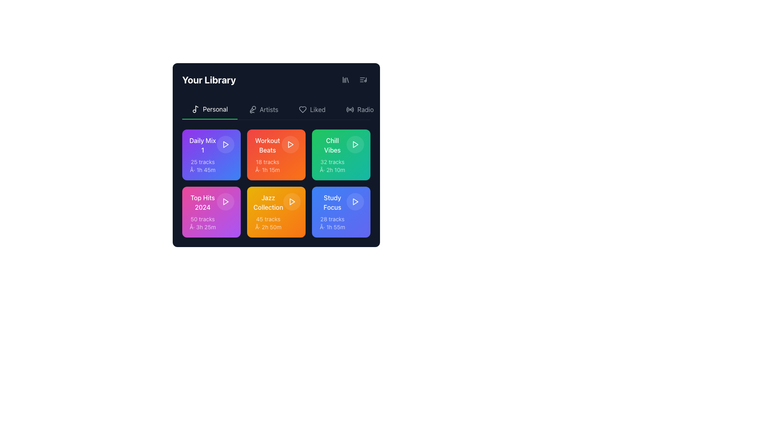 This screenshot has width=764, height=429. I want to click on the innermost arc of the 'Radio' icon located in the upper-right section of the interface, so click(347, 110).